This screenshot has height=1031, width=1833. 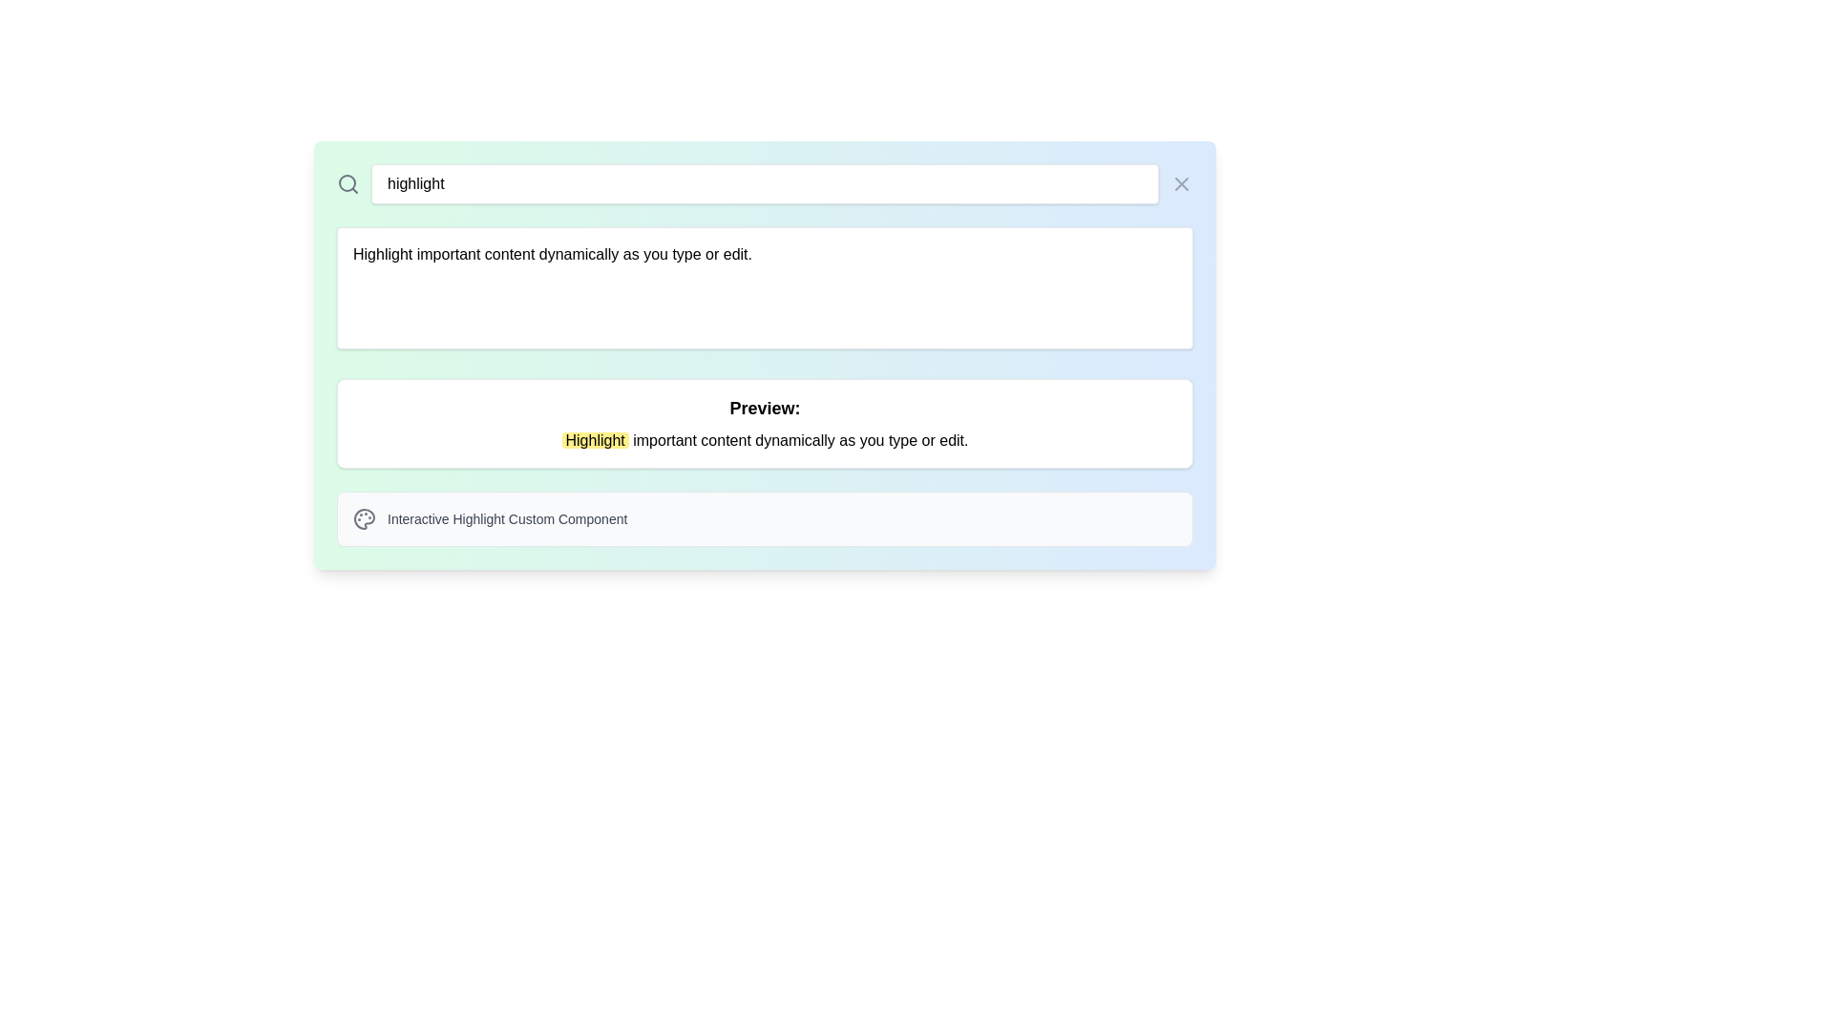 I want to click on the 'X' shaped close icon, which is styled with a thin gray stroke and is positioned in the top-right corner of the interface, adjacent to the search bar, so click(x=1181, y=183).